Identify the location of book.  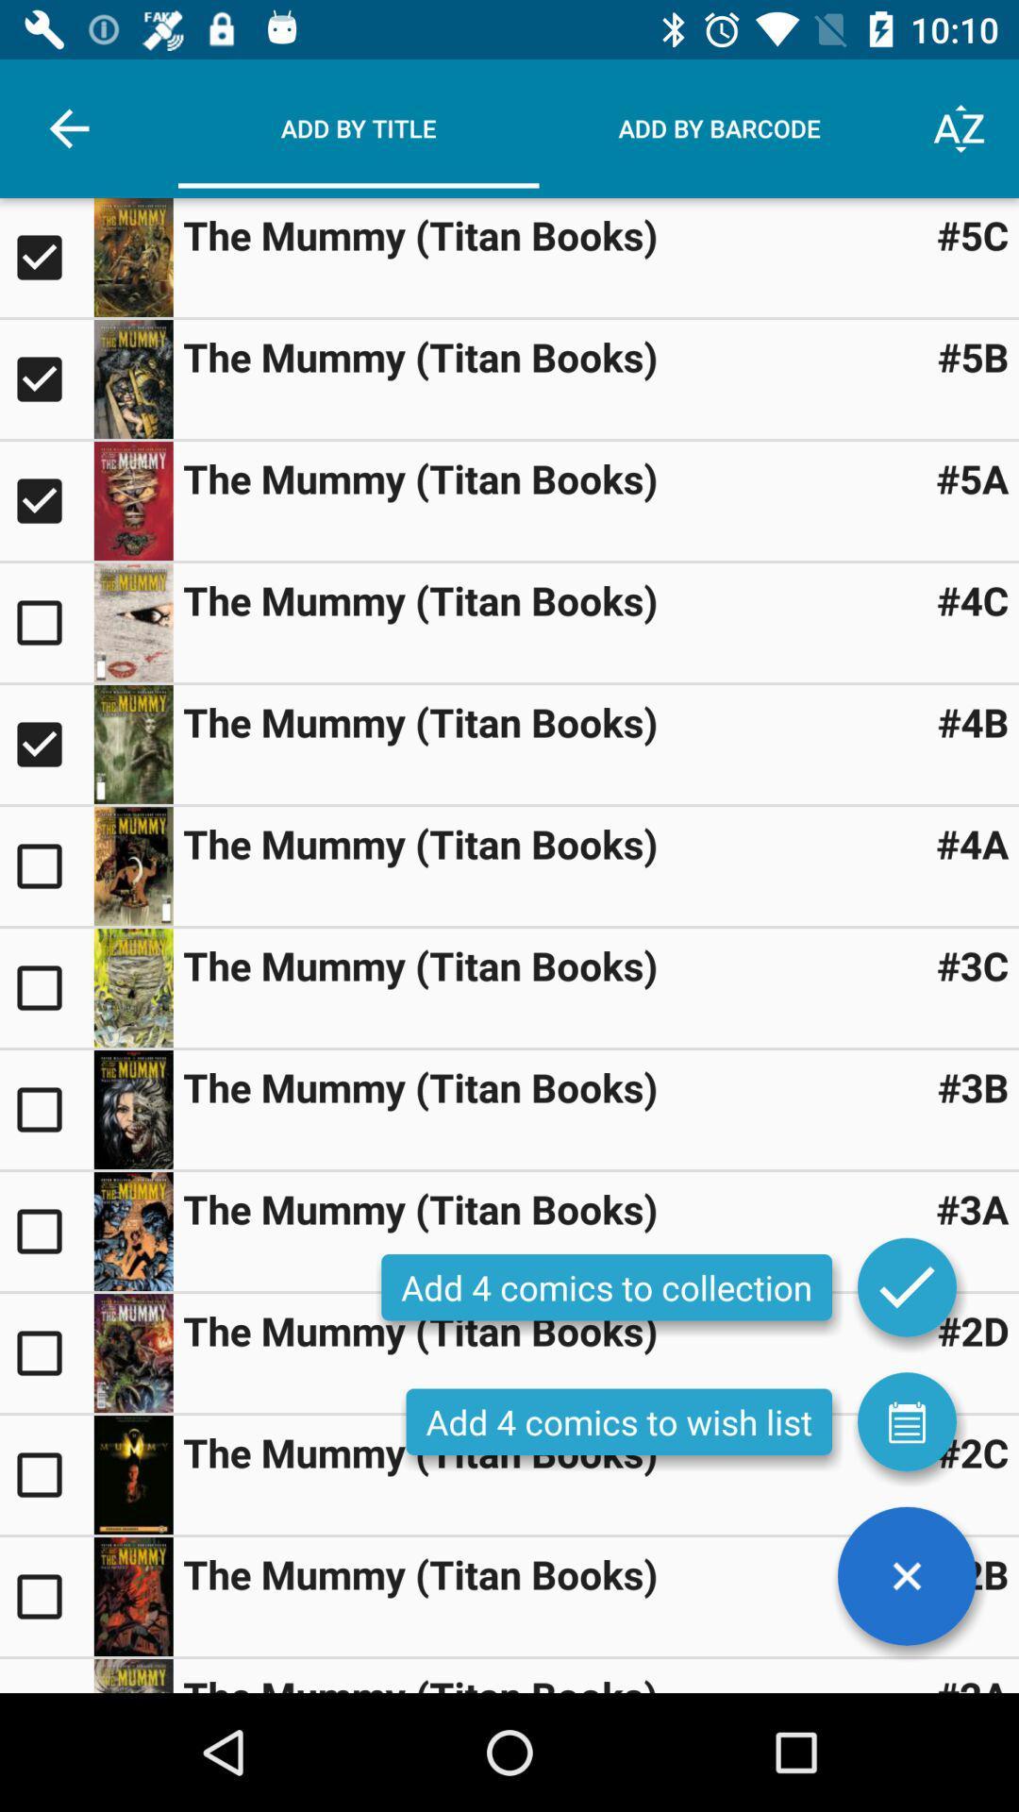
(132, 986).